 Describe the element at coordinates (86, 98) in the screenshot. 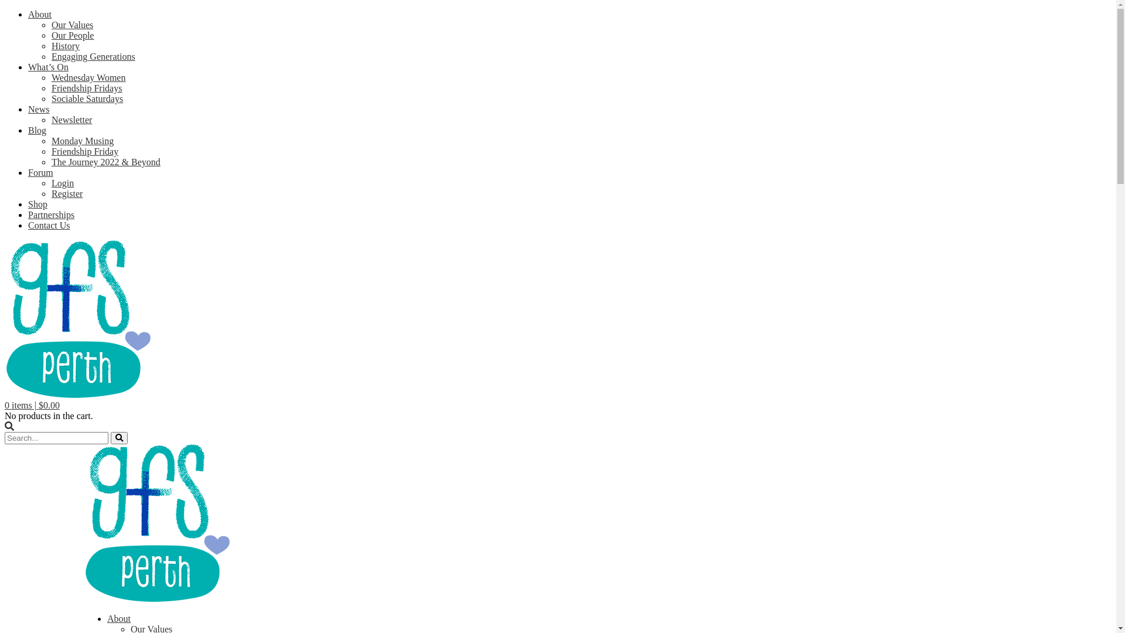

I see `'Sociable Saturdays'` at that location.